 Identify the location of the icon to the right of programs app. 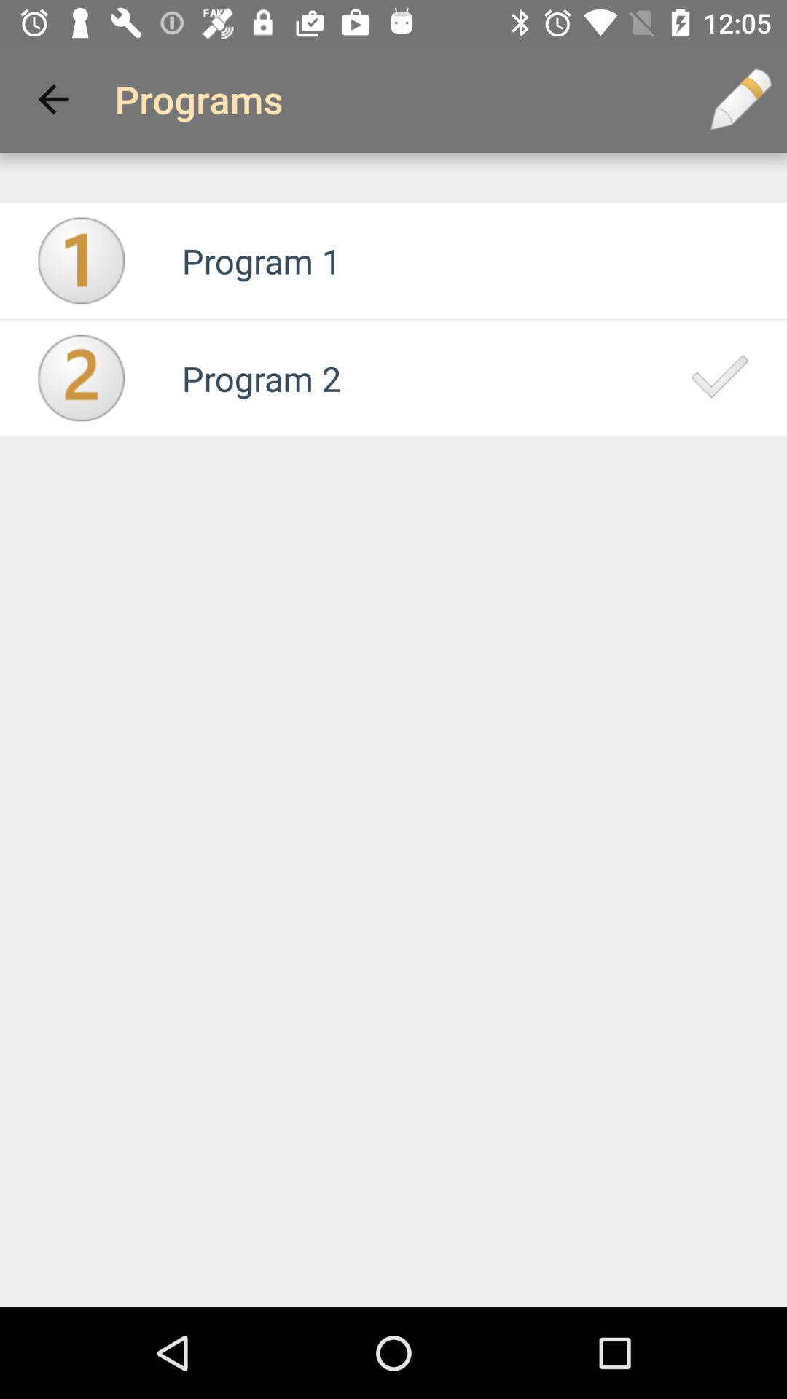
(741, 98).